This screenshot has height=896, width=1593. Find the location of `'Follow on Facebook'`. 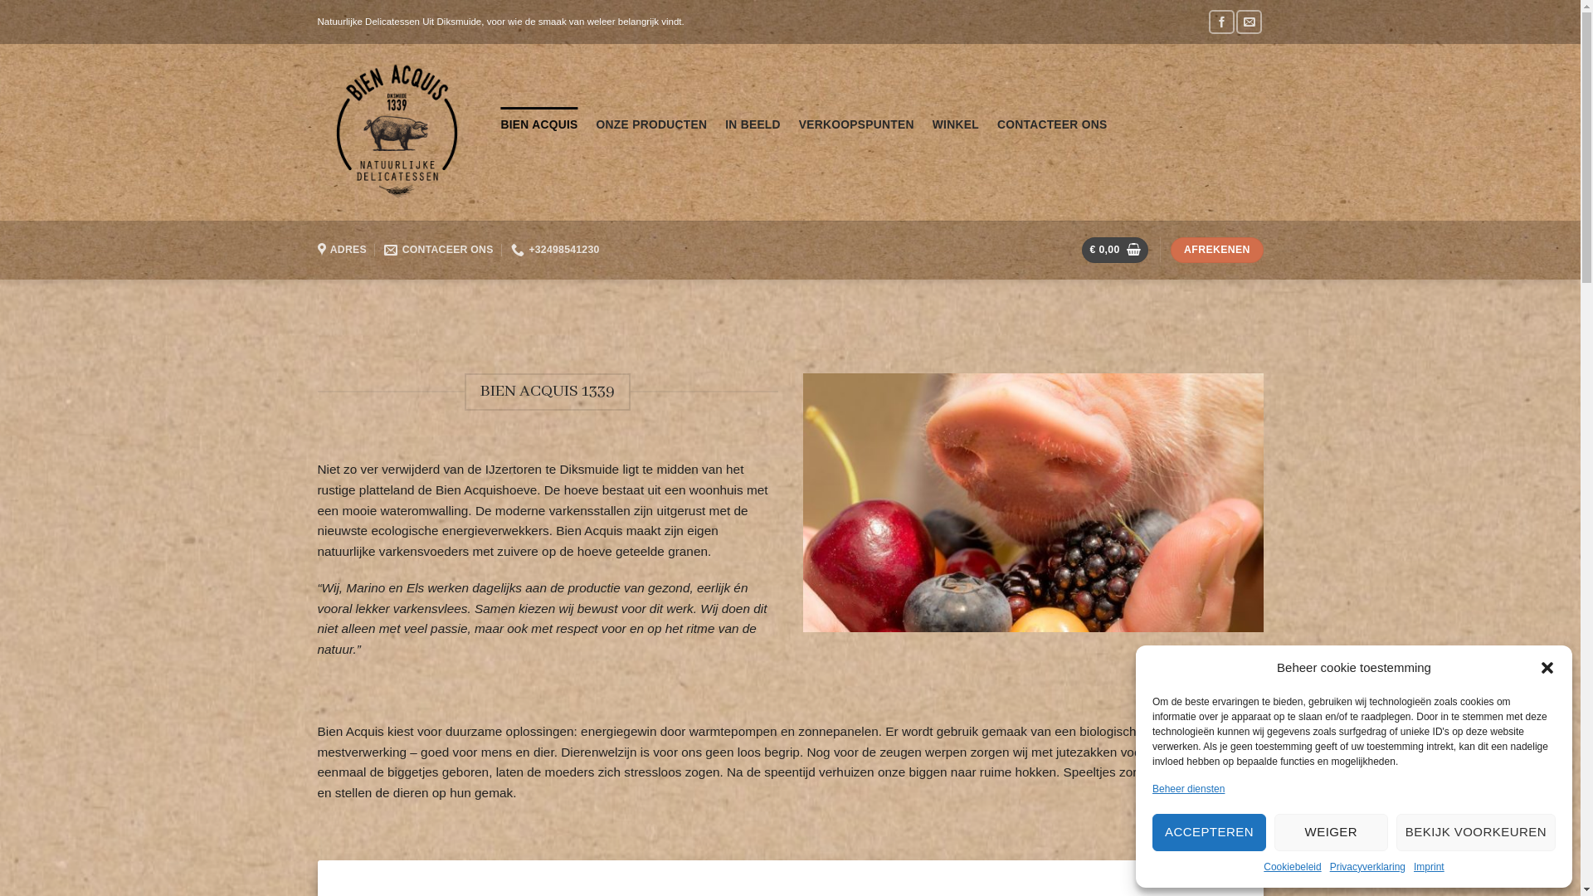

'Follow on Facebook' is located at coordinates (1209, 22).